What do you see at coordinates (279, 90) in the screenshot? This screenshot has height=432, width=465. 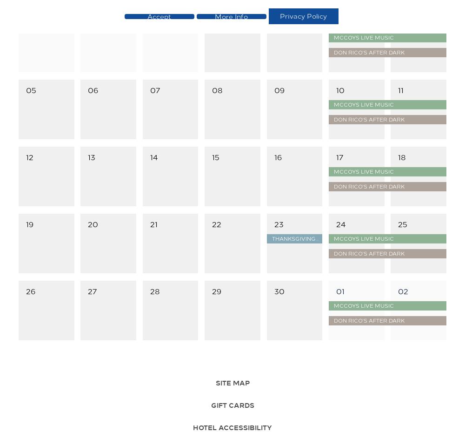 I see `'09'` at bounding box center [279, 90].